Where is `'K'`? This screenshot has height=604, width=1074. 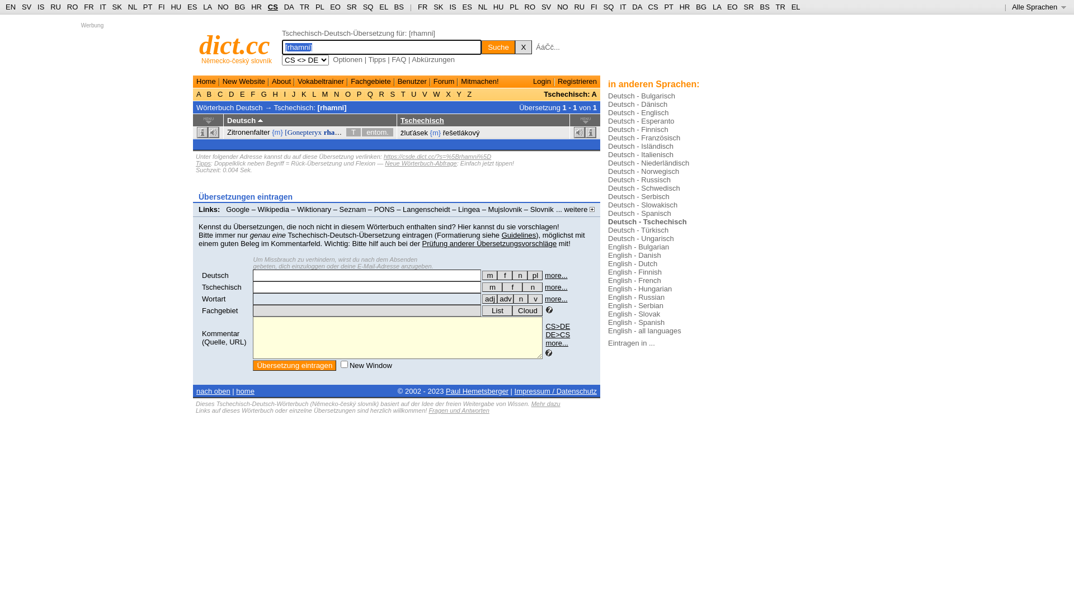 'K' is located at coordinates (303, 93).